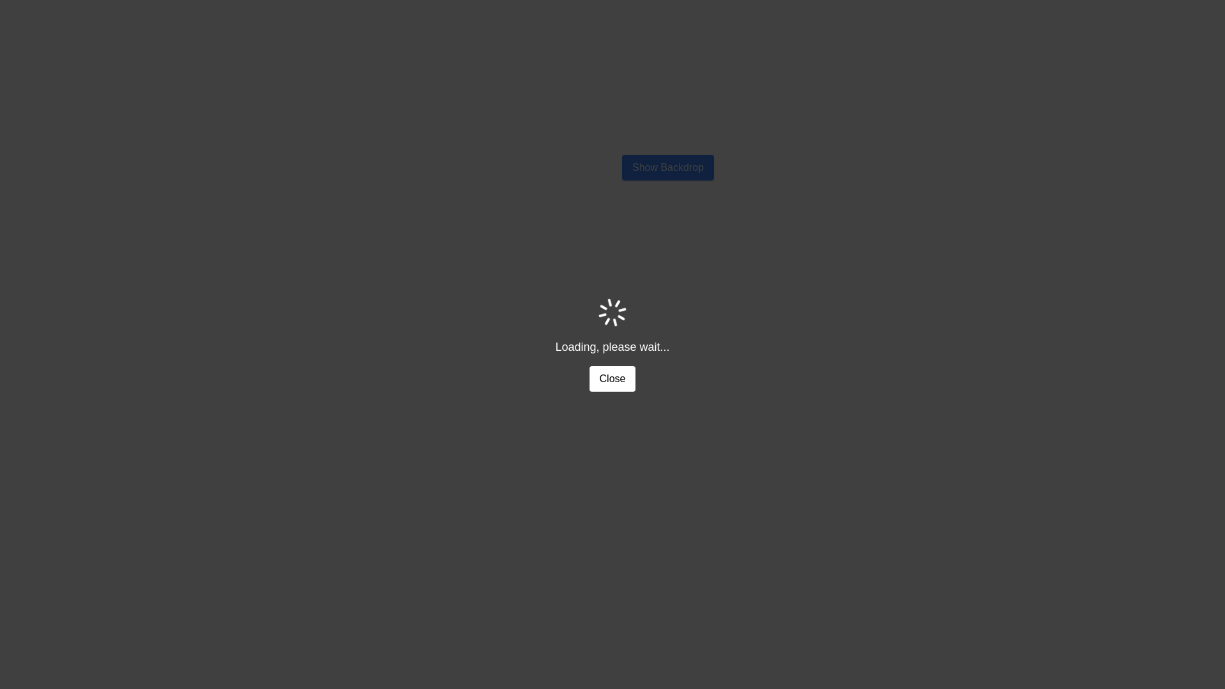 The height and width of the screenshot is (689, 1225). What do you see at coordinates (612, 344) in the screenshot?
I see `the TextBlock that indicates an operation is in progress, located centrally within the modal overlay, between the loader icon and the close button` at bounding box center [612, 344].